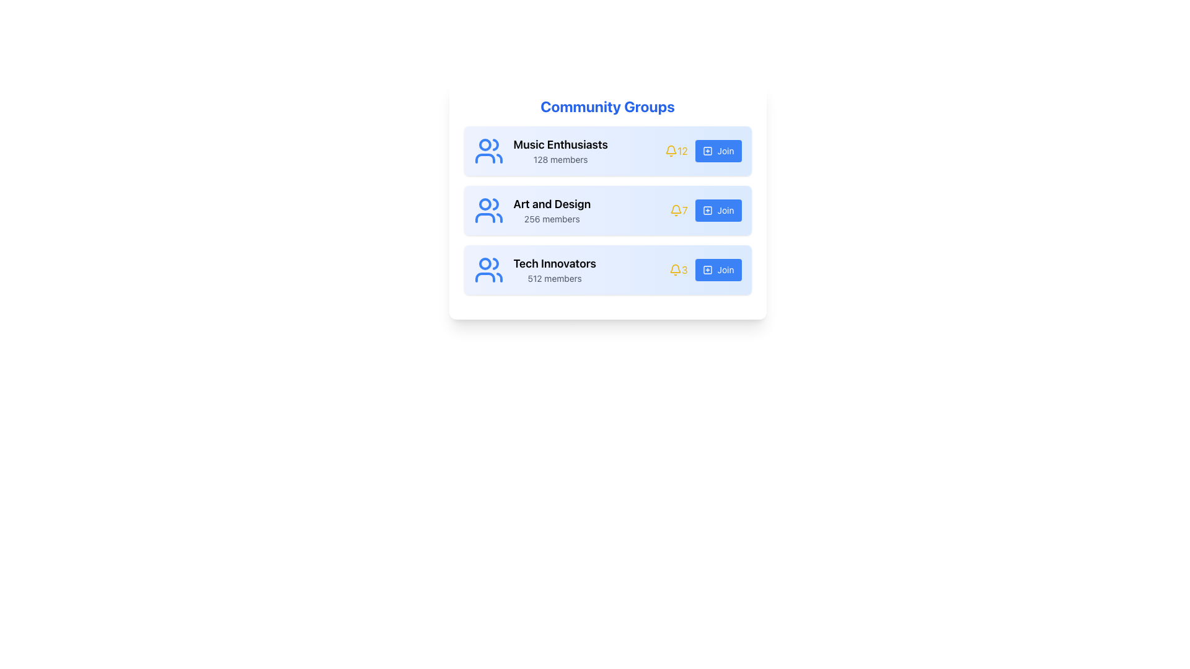 The image size is (1190, 669). What do you see at coordinates (607, 209) in the screenshot?
I see `the 'Art and Design' title in the list item which has a gradient background and includes icons and member count` at bounding box center [607, 209].